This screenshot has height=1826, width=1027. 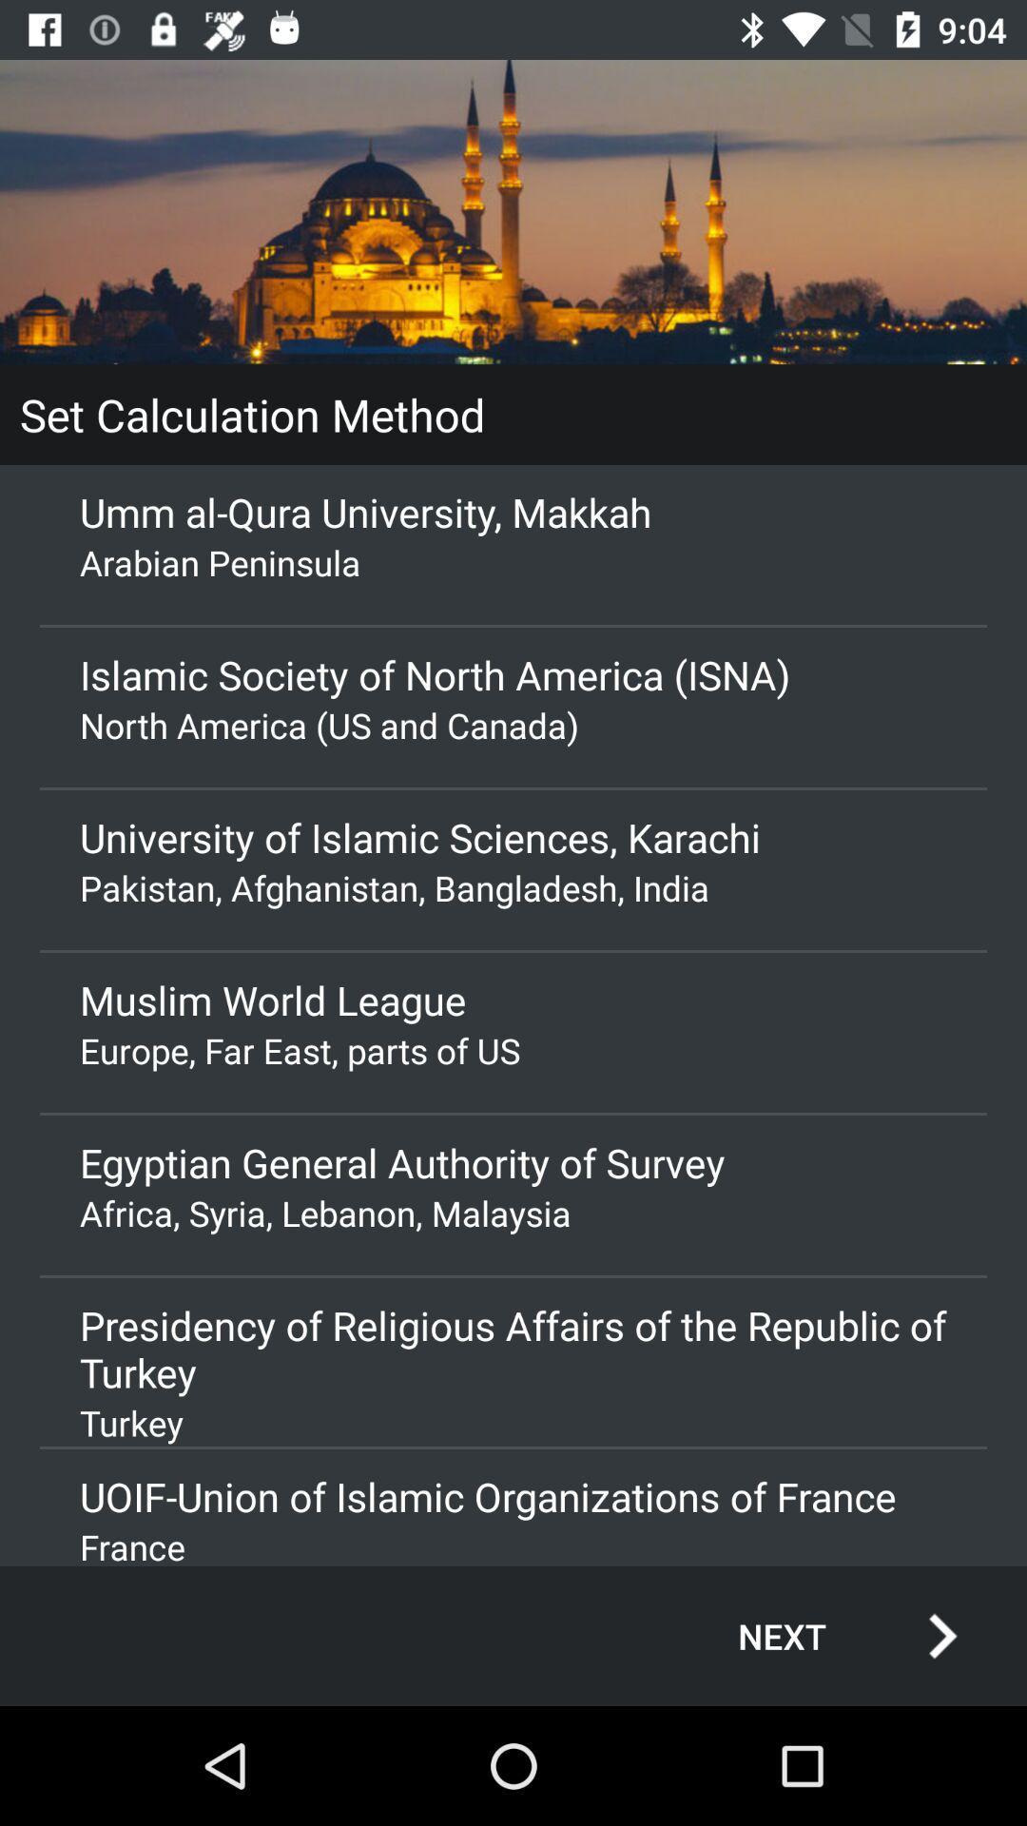 What do you see at coordinates (513, 561) in the screenshot?
I see `the app below the umm al qura app` at bounding box center [513, 561].